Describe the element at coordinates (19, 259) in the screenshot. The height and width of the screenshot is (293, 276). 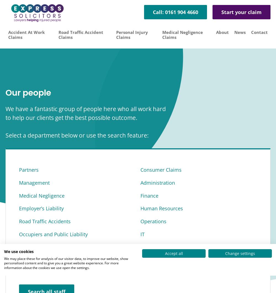
I see `'Advocacy'` at that location.